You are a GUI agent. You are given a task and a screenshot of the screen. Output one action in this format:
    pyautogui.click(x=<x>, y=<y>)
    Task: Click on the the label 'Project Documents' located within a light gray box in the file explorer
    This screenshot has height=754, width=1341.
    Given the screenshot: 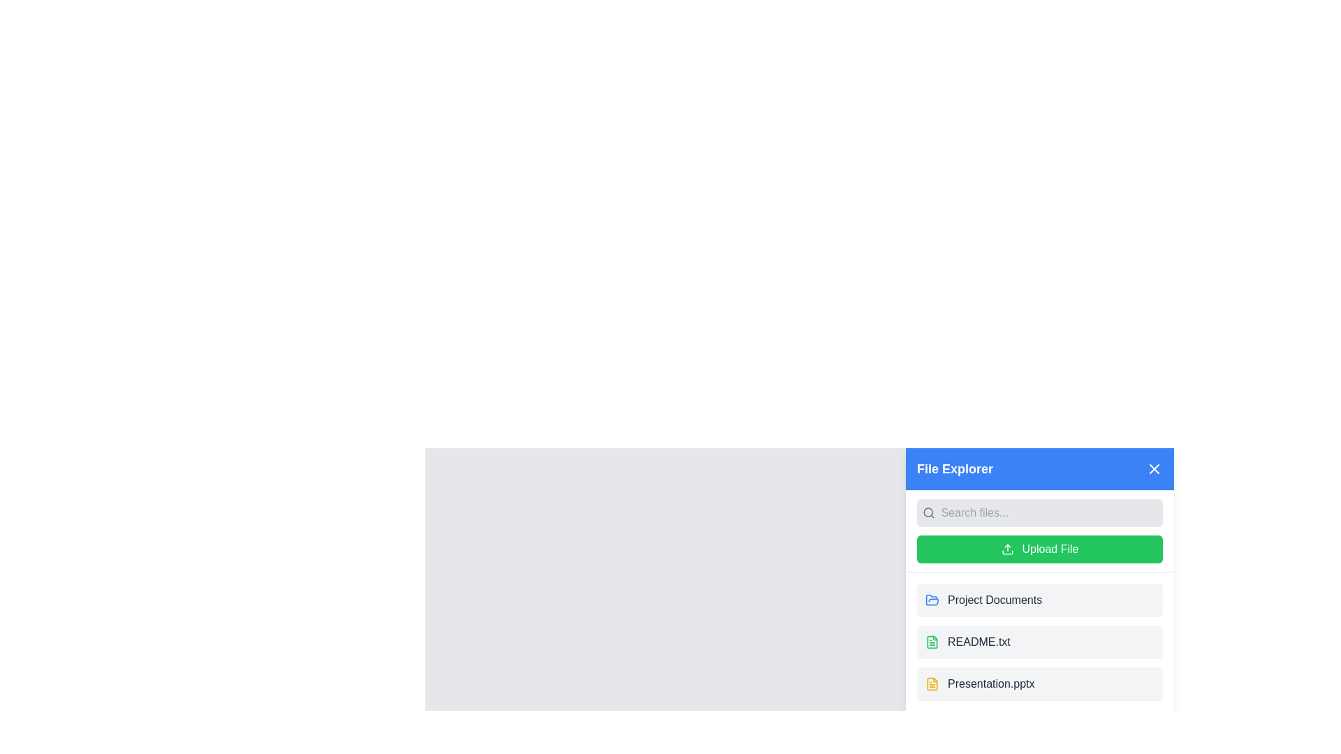 What is the action you would take?
    pyautogui.click(x=994, y=600)
    